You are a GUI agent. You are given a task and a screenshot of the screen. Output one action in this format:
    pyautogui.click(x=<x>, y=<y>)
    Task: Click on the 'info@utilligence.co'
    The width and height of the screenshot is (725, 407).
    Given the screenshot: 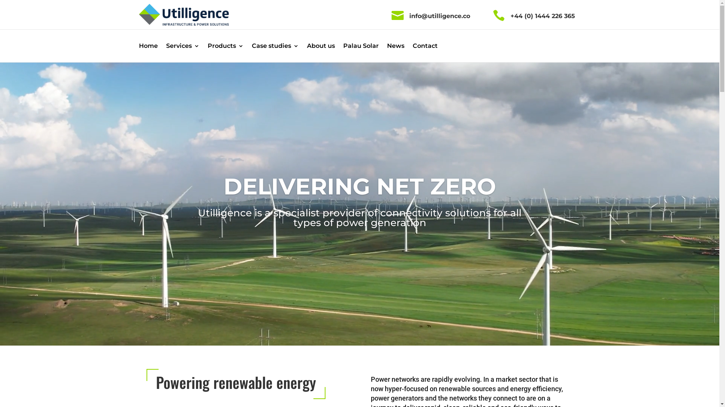 What is the action you would take?
    pyautogui.click(x=440, y=16)
    